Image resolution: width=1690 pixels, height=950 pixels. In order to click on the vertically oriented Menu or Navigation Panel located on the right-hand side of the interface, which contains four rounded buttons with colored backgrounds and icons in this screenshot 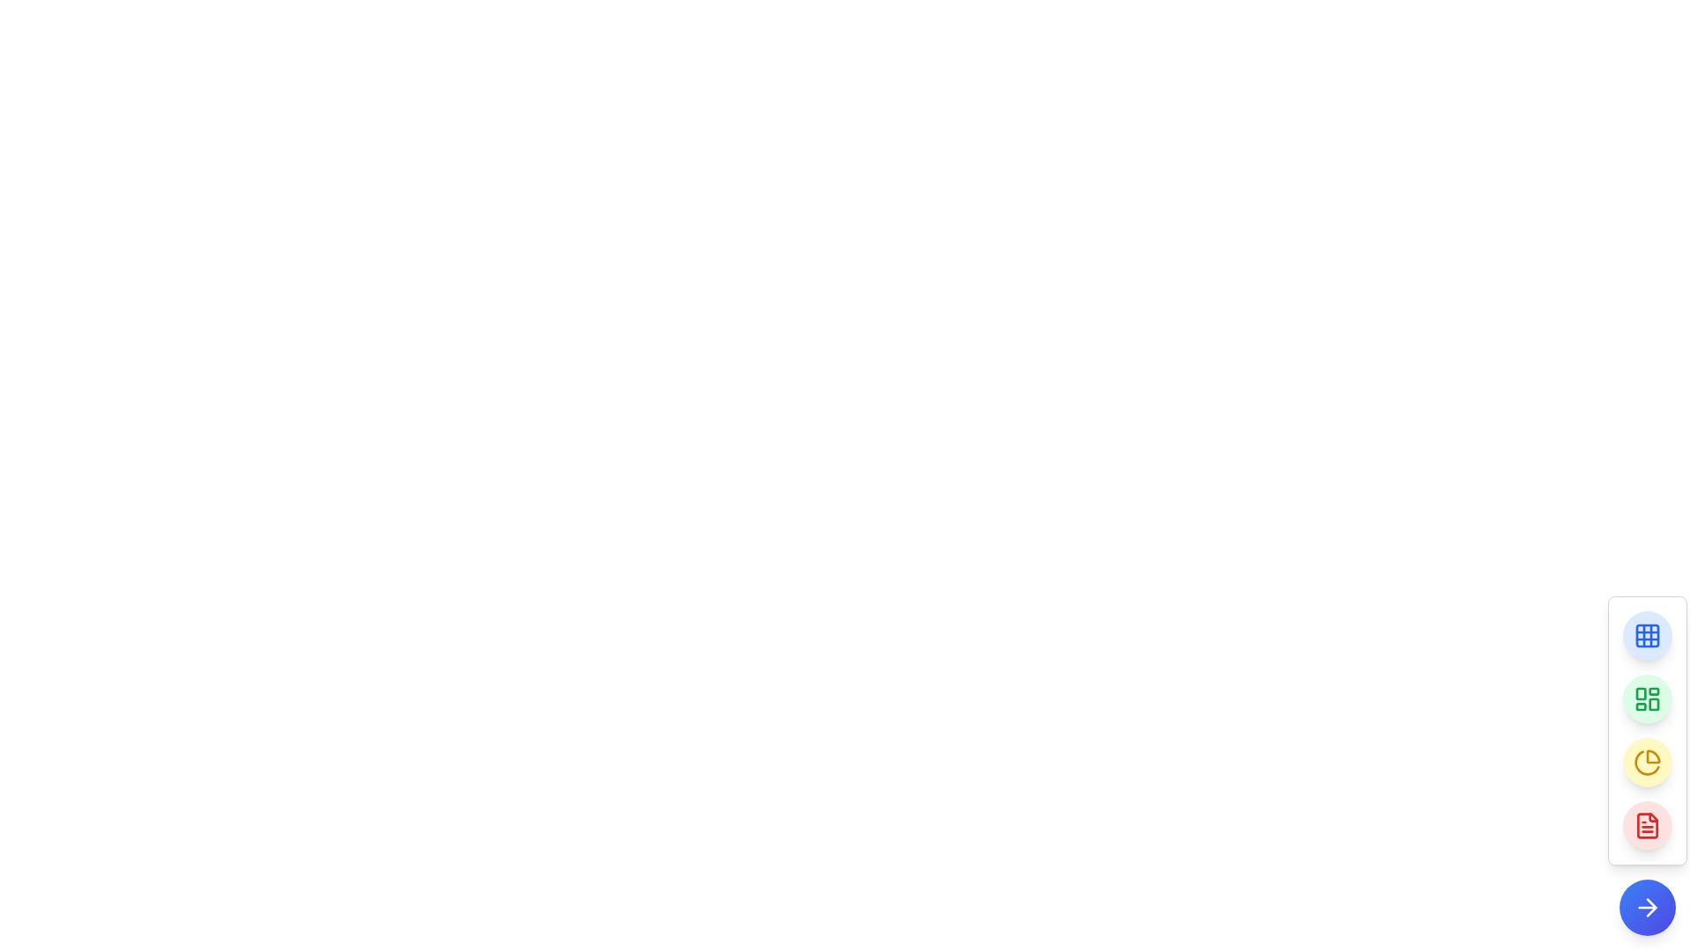, I will do `click(1647, 730)`.